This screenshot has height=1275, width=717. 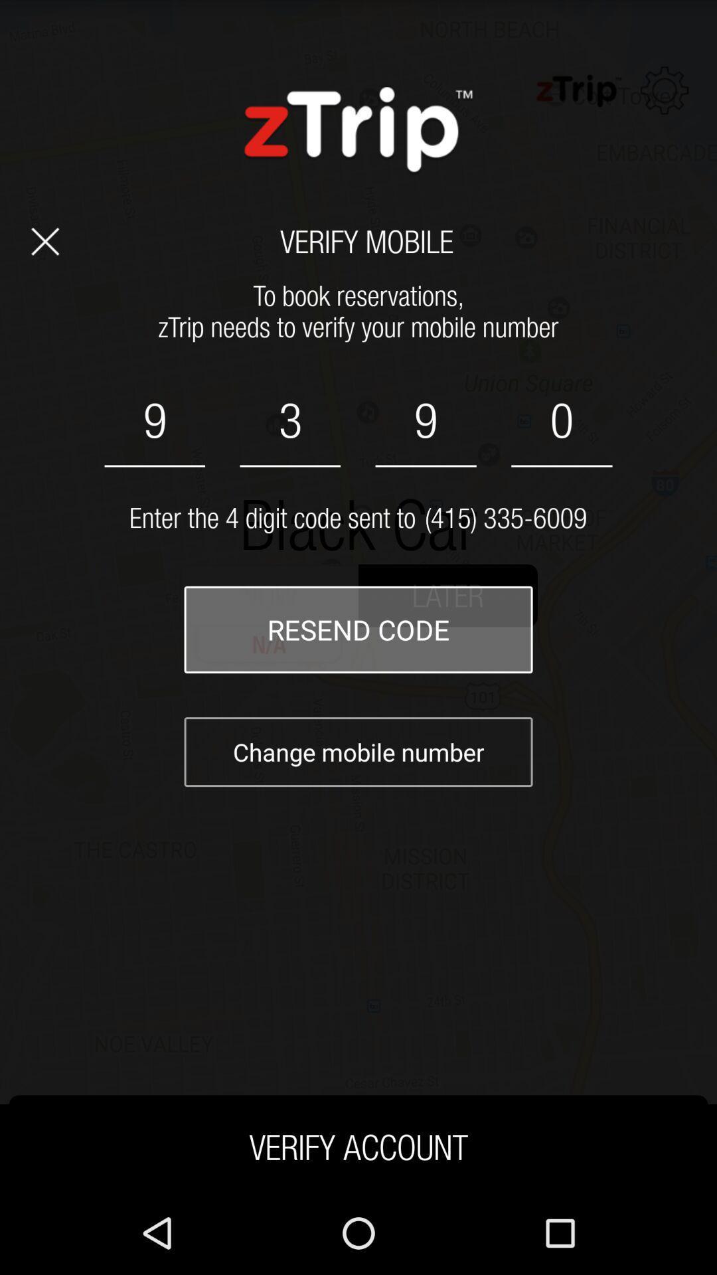 I want to click on the text below resend code, so click(x=358, y=752).